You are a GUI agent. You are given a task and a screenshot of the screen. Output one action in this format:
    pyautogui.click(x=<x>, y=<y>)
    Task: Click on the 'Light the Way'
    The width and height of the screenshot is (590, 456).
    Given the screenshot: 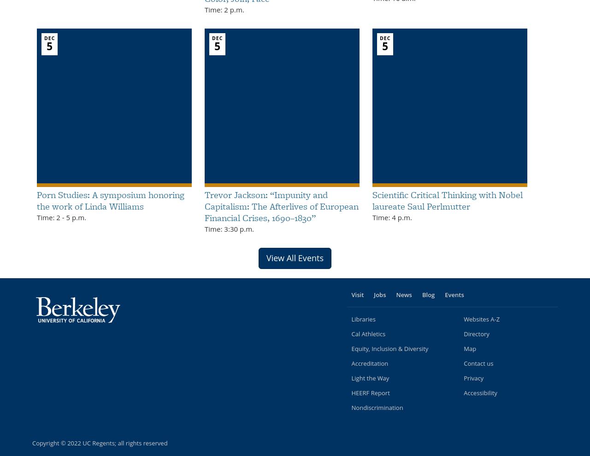 What is the action you would take?
    pyautogui.click(x=350, y=377)
    